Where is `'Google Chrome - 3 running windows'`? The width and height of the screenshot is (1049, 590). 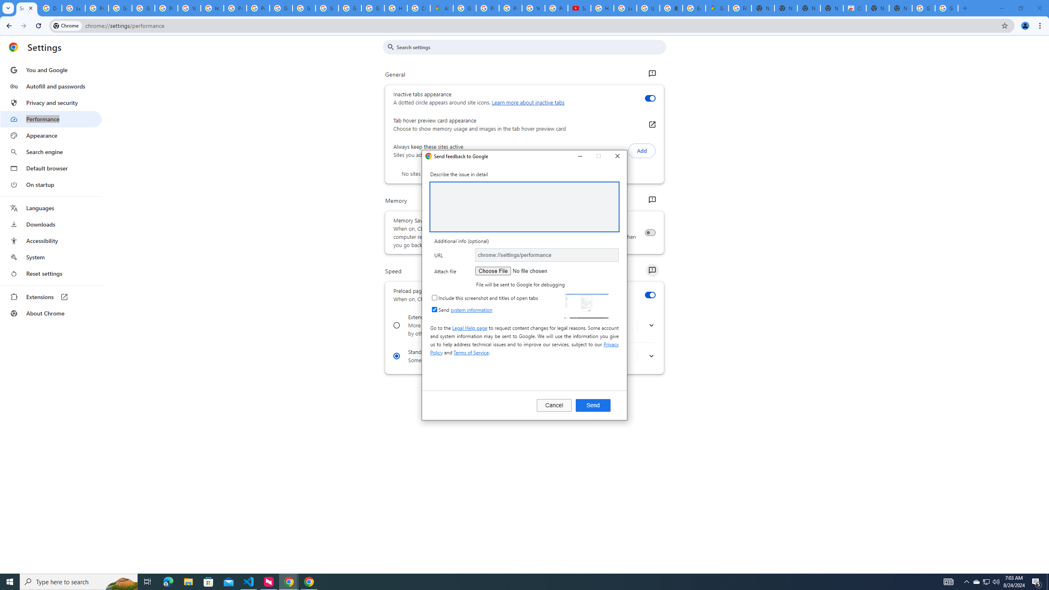
'Google Chrome - 3 running windows' is located at coordinates (289, 581).